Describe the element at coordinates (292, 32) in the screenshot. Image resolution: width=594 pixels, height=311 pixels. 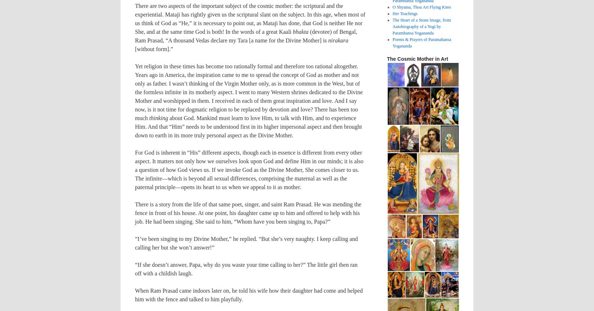
I see `'bhakta'` at that location.